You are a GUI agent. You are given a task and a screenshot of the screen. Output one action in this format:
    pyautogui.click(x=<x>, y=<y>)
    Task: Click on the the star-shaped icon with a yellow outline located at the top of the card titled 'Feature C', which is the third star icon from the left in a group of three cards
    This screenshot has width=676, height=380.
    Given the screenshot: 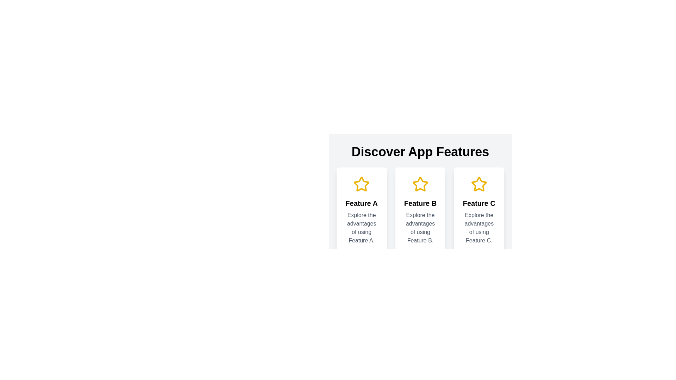 What is the action you would take?
    pyautogui.click(x=479, y=184)
    